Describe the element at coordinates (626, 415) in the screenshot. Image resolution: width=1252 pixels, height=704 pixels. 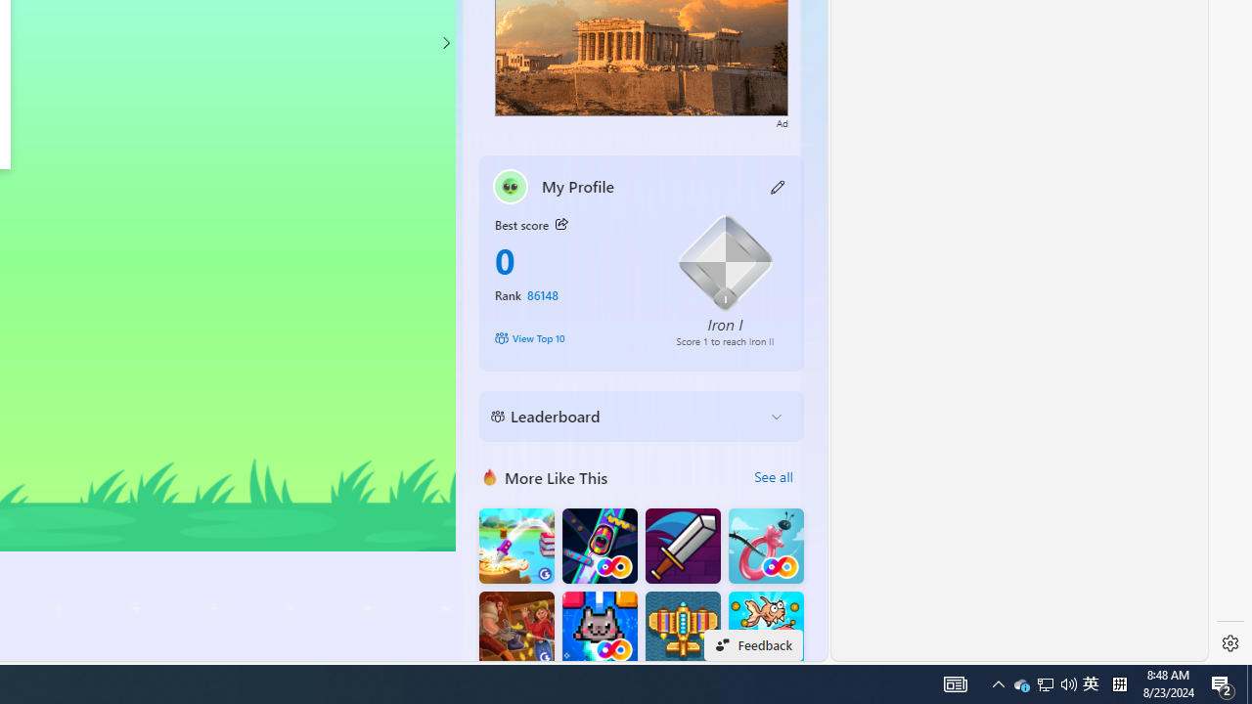
I see `'Leaderboard'` at that location.